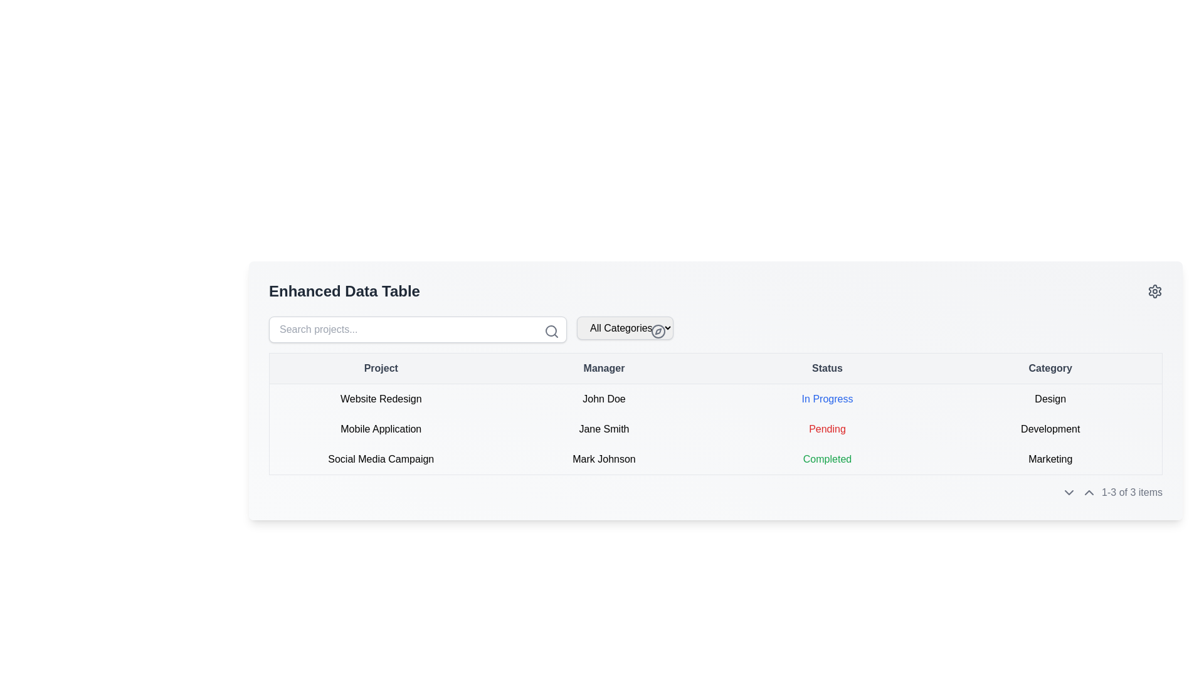 This screenshot has width=1204, height=677. Describe the element at coordinates (1050, 459) in the screenshot. I see `the static text label that reads 'Marketing', which is the last column in the row for 'Social Media Campaign' in the 'Enhanced Data Table'` at that location.